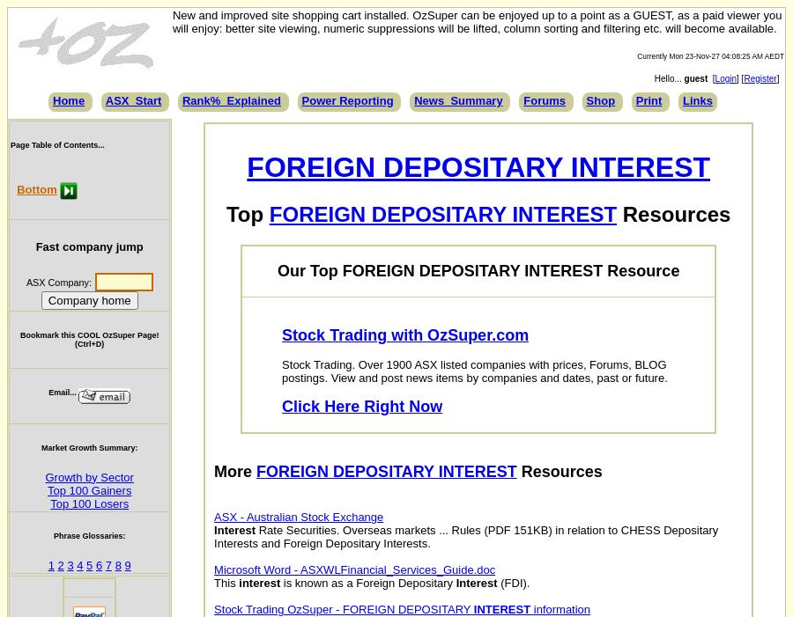  What do you see at coordinates (59, 564) in the screenshot?
I see `'2'` at bounding box center [59, 564].